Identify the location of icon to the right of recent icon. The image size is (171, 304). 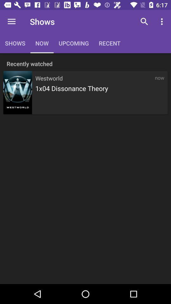
(144, 22).